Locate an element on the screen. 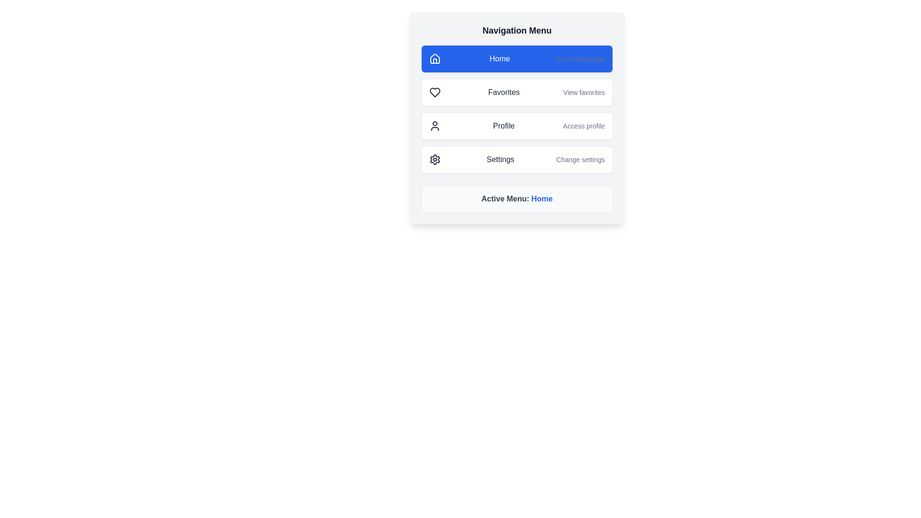 Image resolution: width=921 pixels, height=518 pixels. the decorative segment of the roof in the house-shaped icon located in the navigation menu at the top-left corner, adjacent to the 'Home' text is located at coordinates (435, 61).